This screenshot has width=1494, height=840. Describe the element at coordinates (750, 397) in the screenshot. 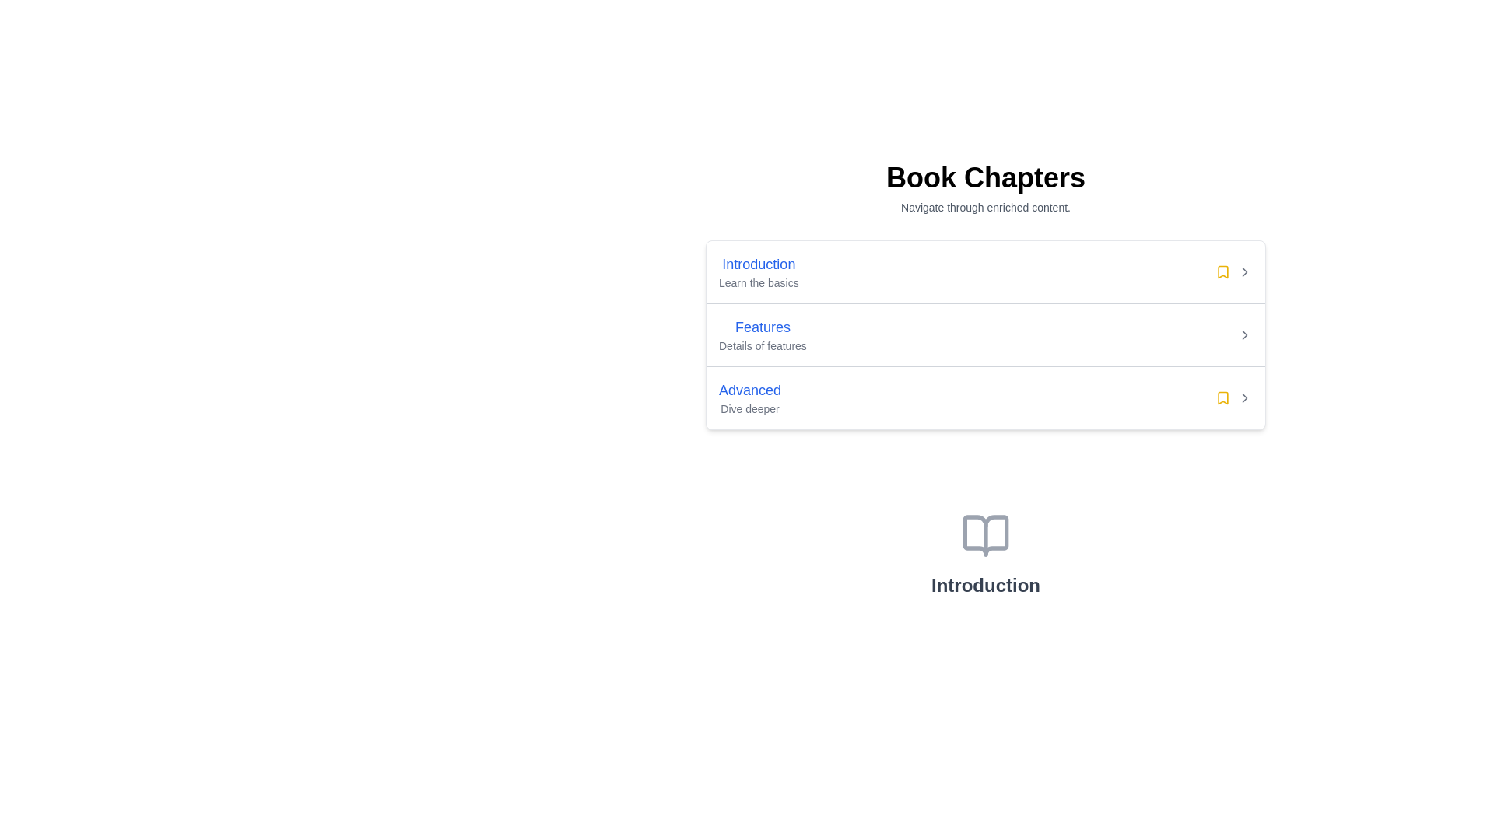

I see `the navigation link for the 'Advanced' section, which is the third item in the vertical list of chapter navigation entries under 'Book Chapters'` at that location.